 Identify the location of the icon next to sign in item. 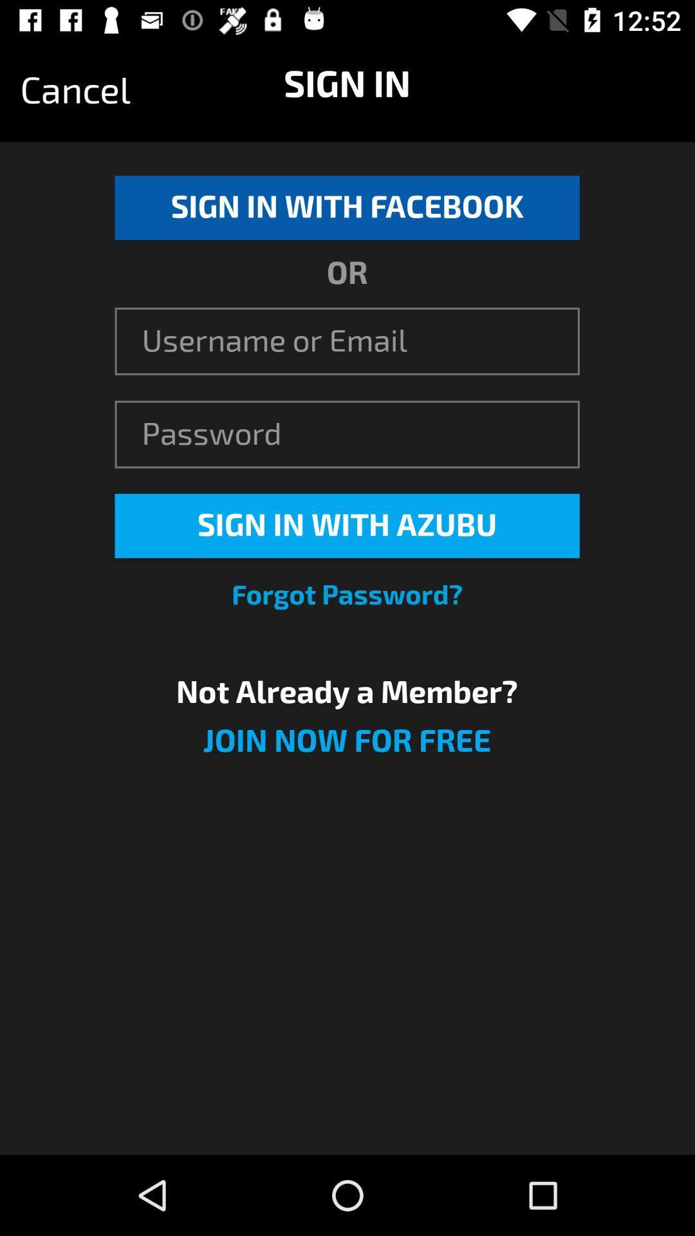
(75, 90).